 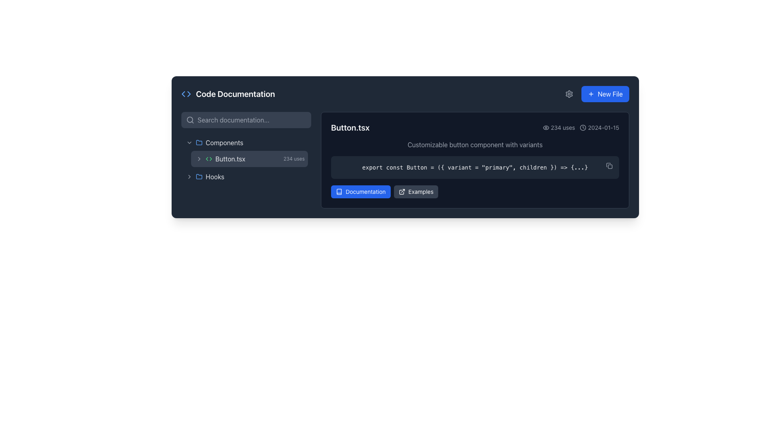 I want to click on the 'Documentation' icon located in the top-right region of the interface, so click(x=339, y=192).